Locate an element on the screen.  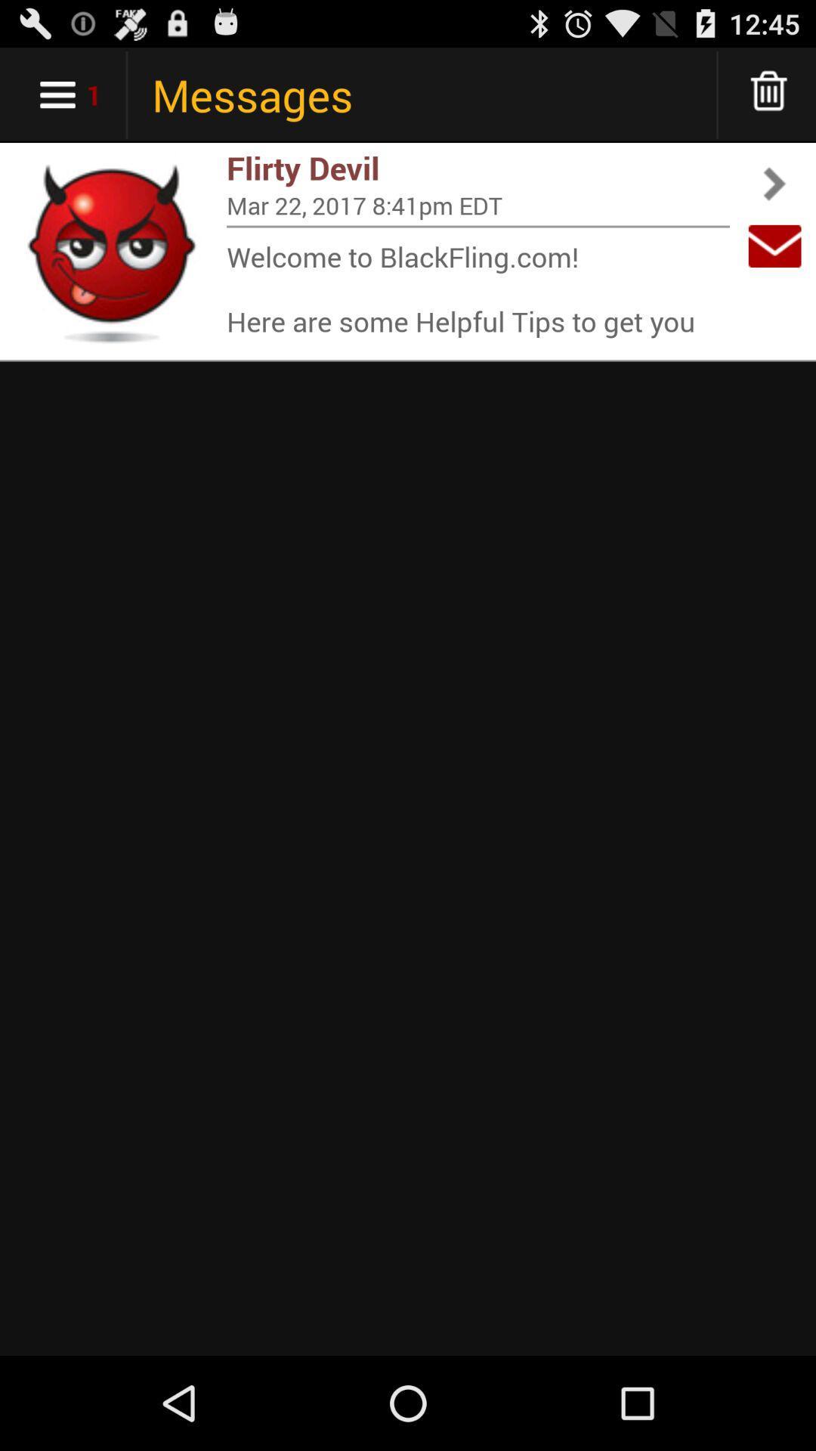
delete the page is located at coordinates (769, 94).